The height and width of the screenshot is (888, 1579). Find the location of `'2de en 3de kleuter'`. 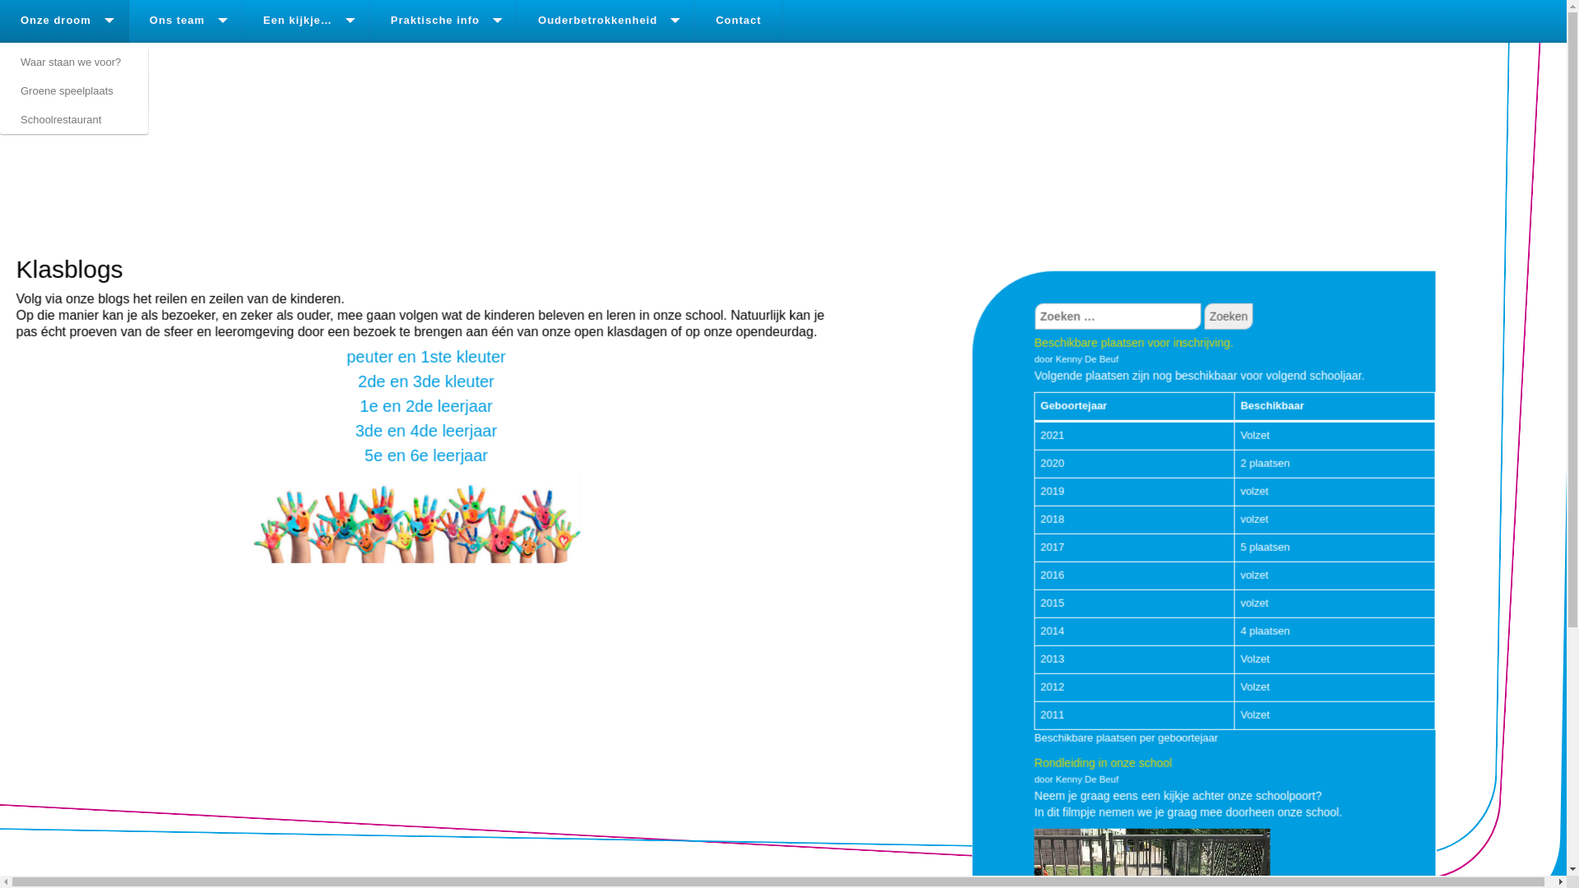

'2de en 3de kleuter' is located at coordinates (426, 380).